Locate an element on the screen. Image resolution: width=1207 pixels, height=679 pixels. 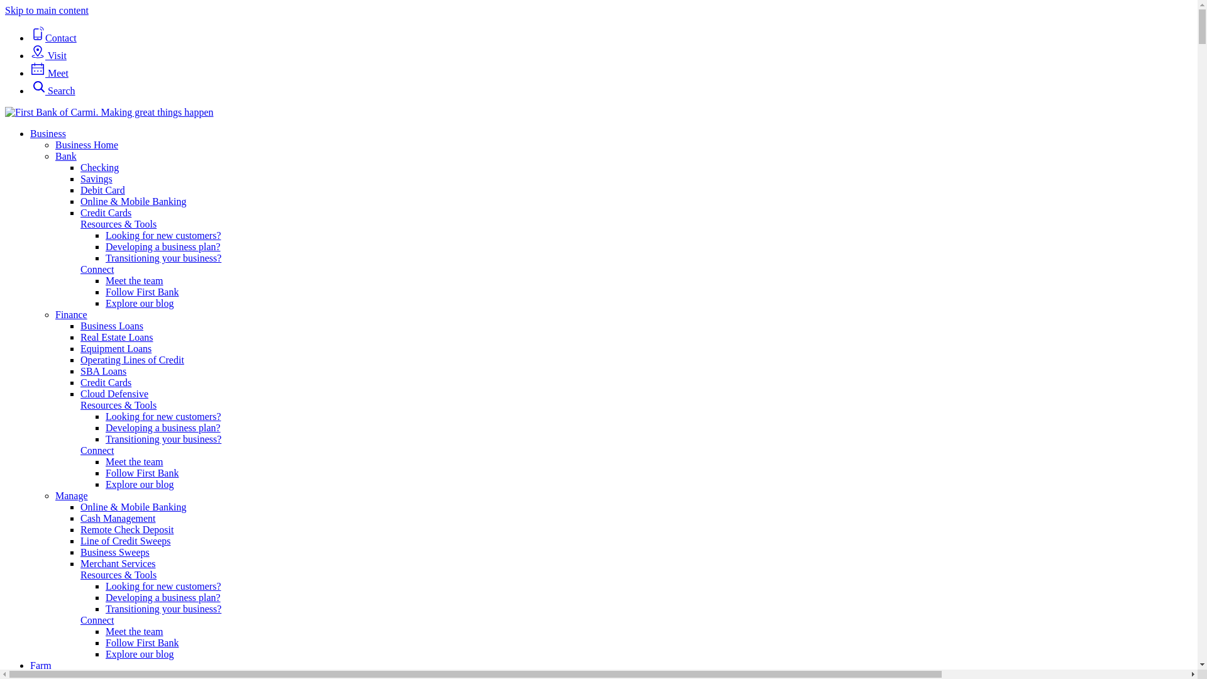
'Explore our blog' is located at coordinates (139, 303).